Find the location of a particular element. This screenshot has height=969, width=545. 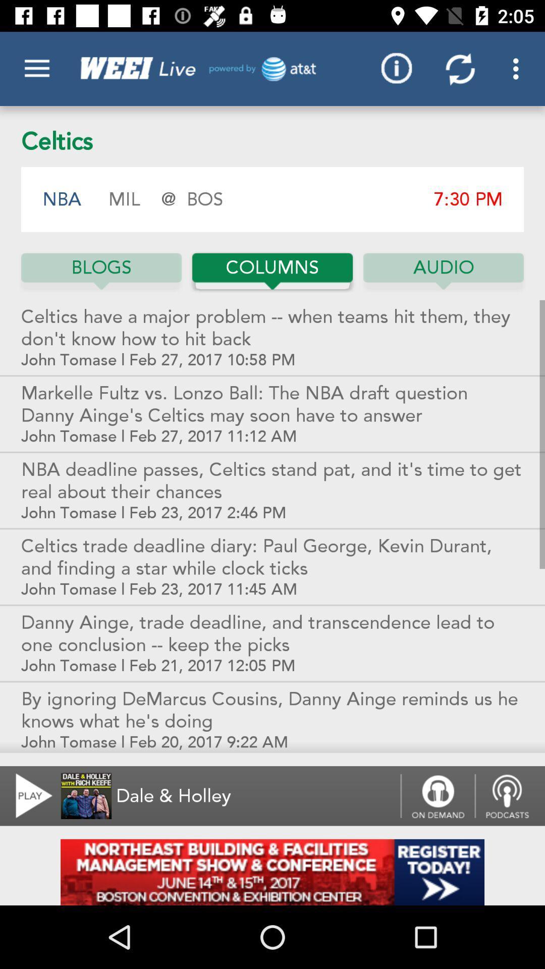

the location icon is located at coordinates (510, 795).